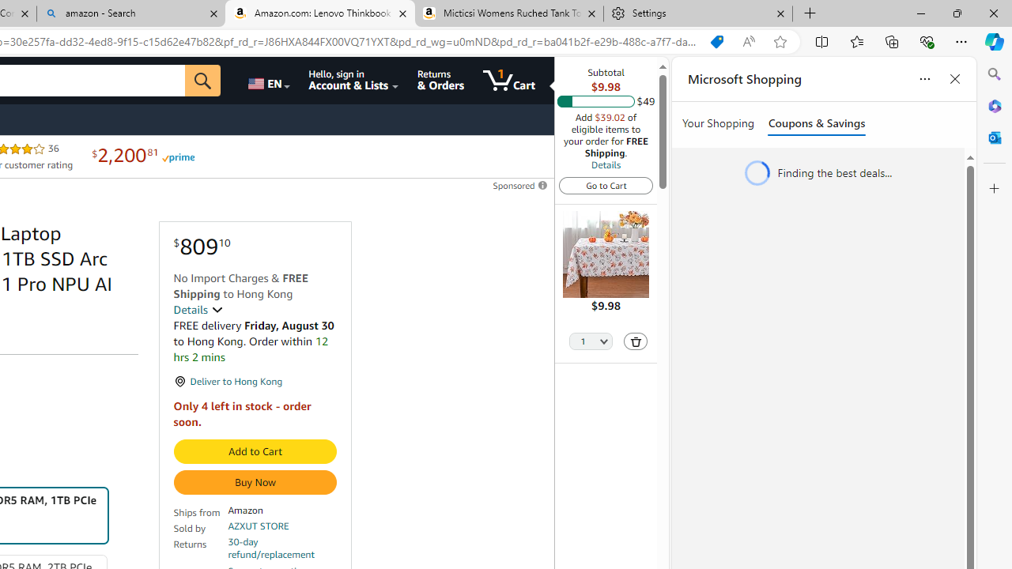 The width and height of the screenshot is (1012, 569). What do you see at coordinates (994, 137) in the screenshot?
I see `'Outlook'` at bounding box center [994, 137].